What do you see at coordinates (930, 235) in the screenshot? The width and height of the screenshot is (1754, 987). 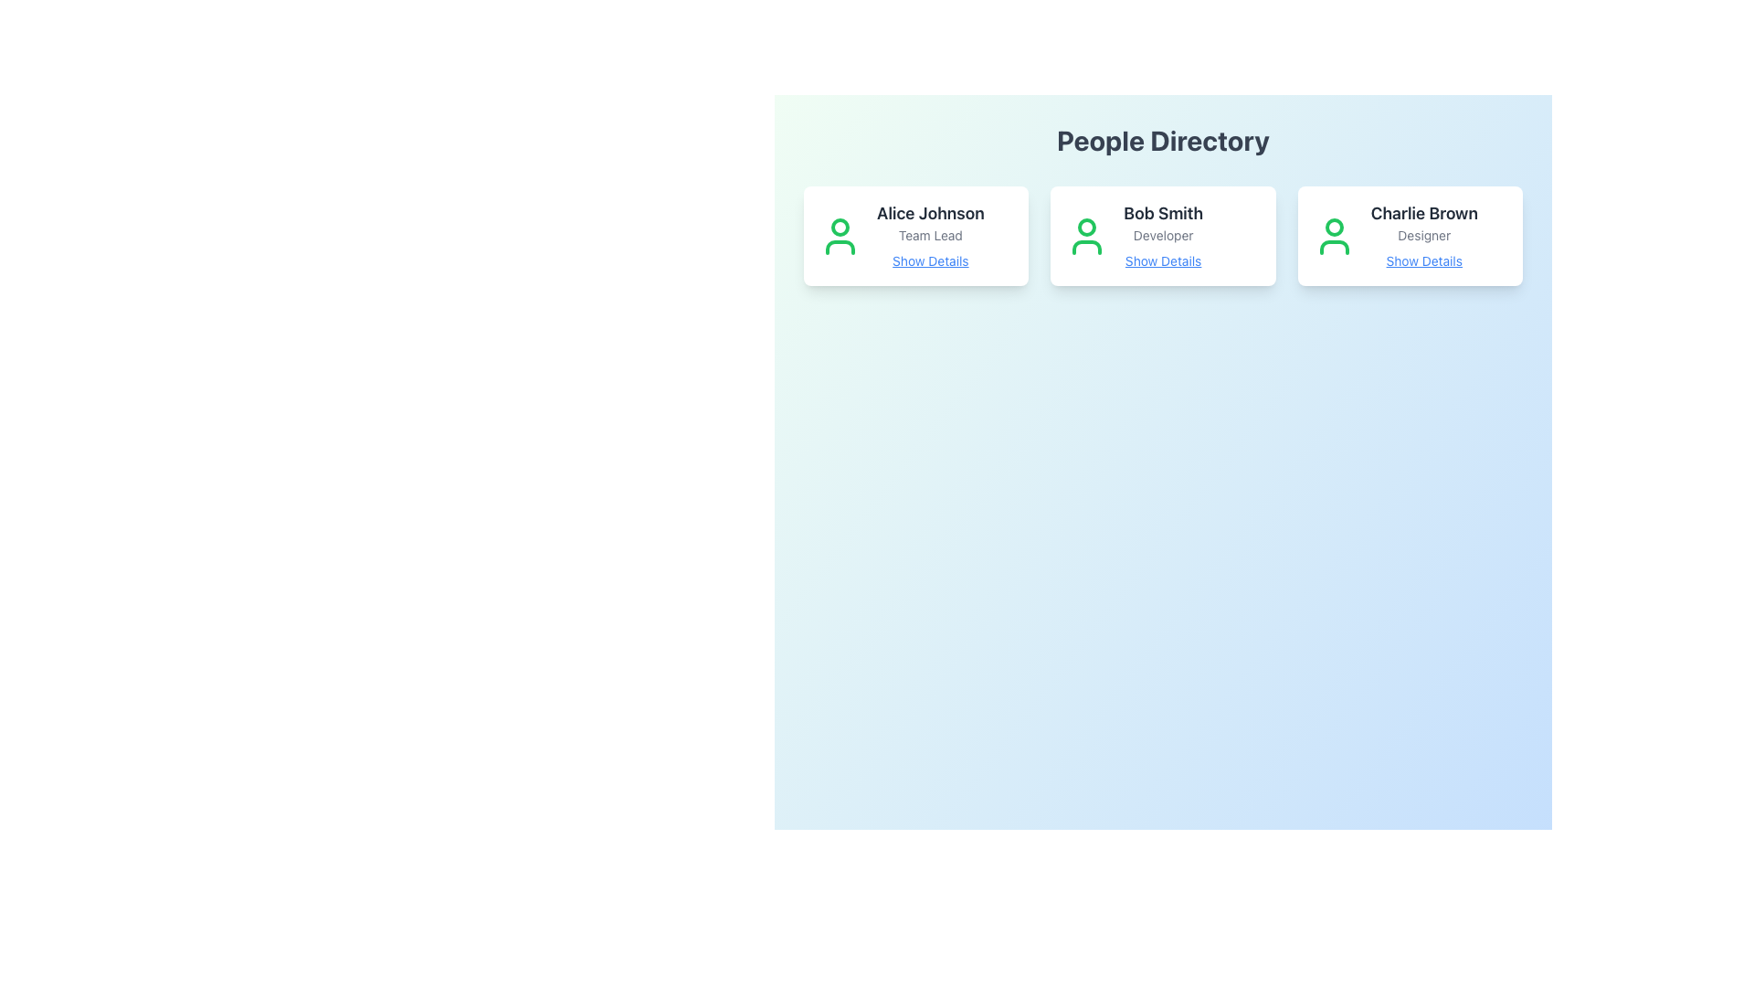 I see `the 'Team Lead' text label, which is styled in small and light gray font and located below the header 'Alice Johnson' in the card component` at bounding box center [930, 235].